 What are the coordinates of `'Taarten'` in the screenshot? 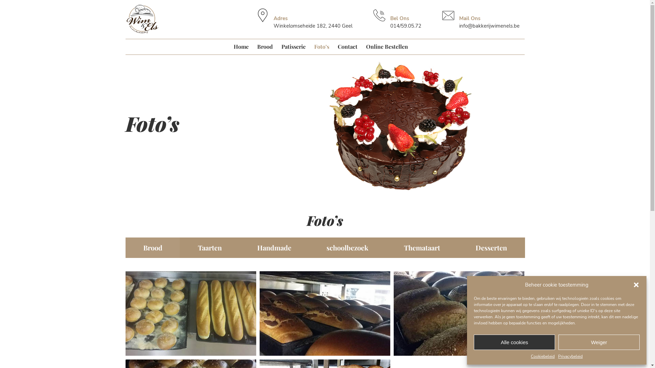 It's located at (209, 247).